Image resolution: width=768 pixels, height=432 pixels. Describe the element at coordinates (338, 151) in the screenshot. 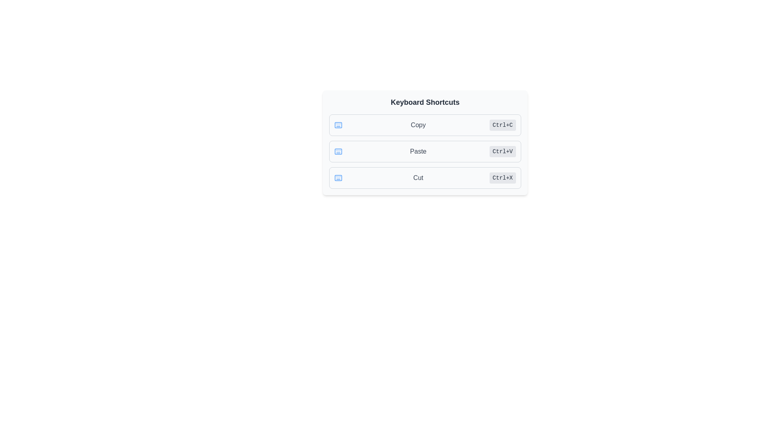

I see `the graphical icon representing the 'Paste' function, which is a small rectangular shape with rounded corners located to the left of the text label 'Paste' in a vertically aligned list of options` at that location.